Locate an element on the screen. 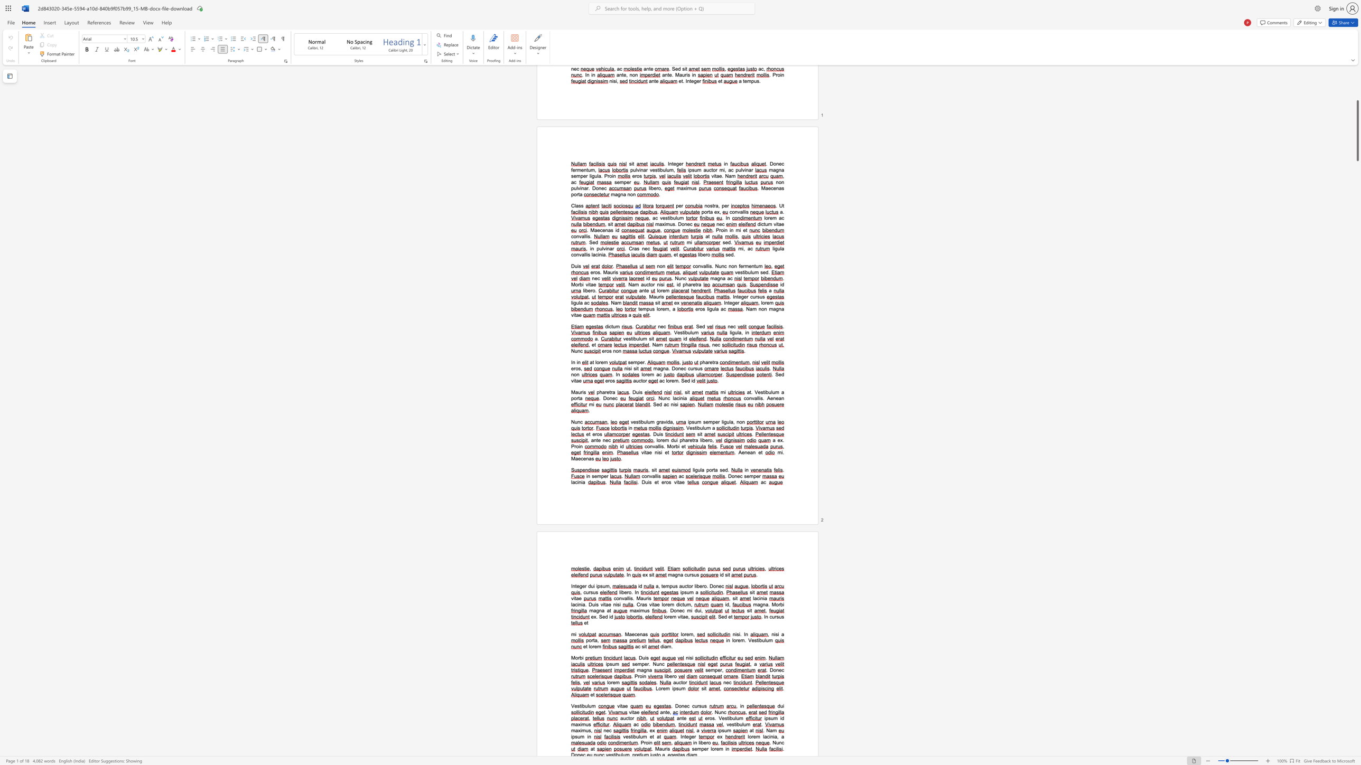  the 1th character "i" in the text is located at coordinates (693, 742).